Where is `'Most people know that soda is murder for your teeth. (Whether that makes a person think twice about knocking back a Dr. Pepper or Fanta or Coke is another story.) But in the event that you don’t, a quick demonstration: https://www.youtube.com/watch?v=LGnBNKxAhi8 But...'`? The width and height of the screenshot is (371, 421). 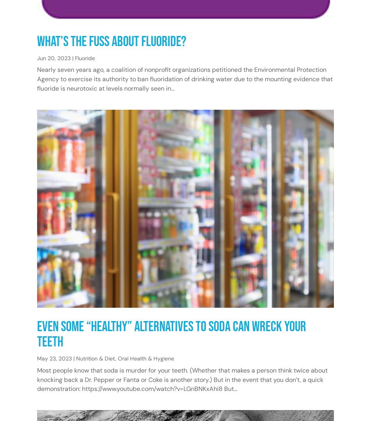
'Most people know that soda is murder for your teeth. (Whether that makes a person think twice about knocking back a Dr. Pepper or Fanta or Coke is another story.) But in the event that you don’t, a quick demonstration: https://www.youtube.com/watch?v=LGnBNKxAhi8 But...' is located at coordinates (182, 379).